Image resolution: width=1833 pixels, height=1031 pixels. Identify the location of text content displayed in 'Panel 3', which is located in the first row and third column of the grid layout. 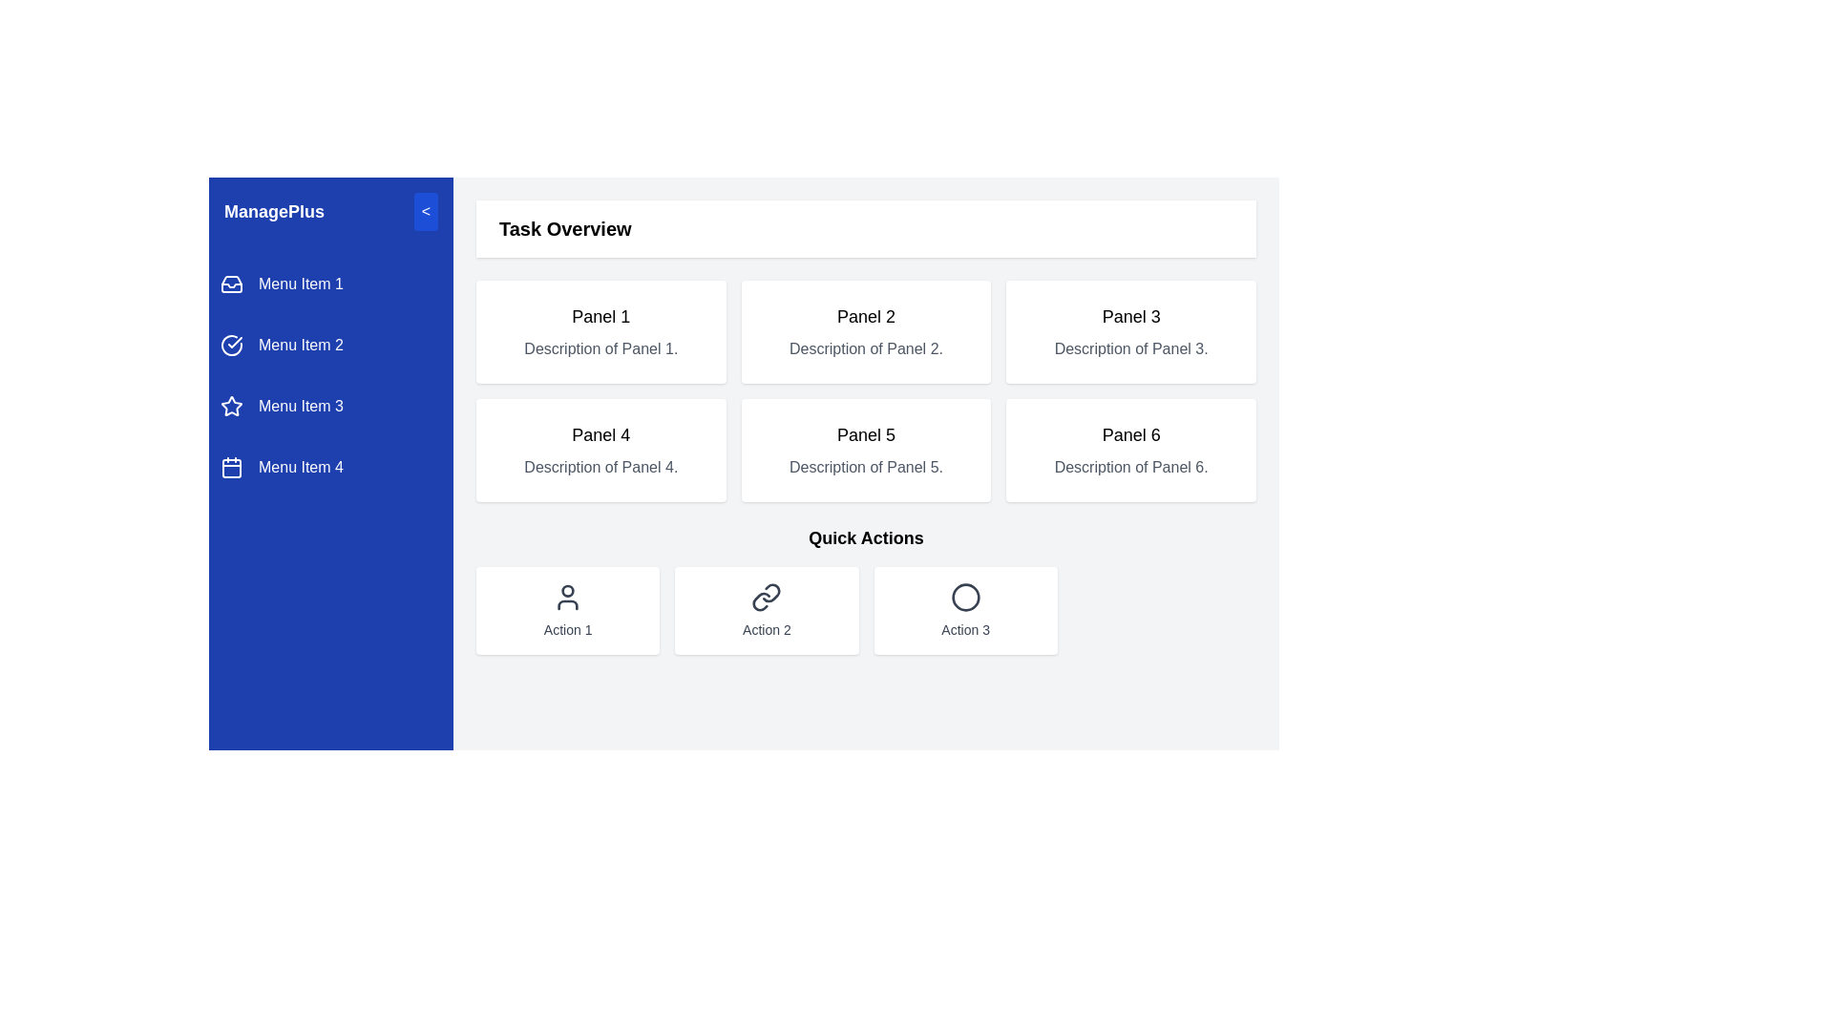
(1131, 330).